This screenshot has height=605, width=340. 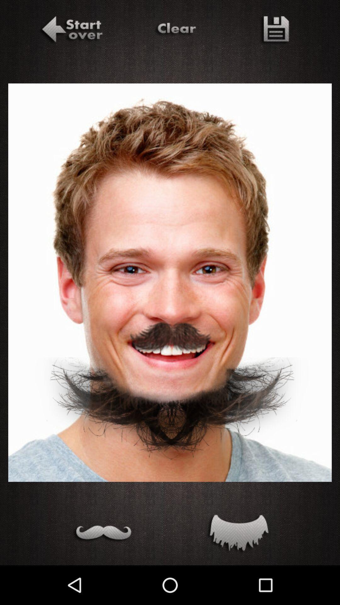 What do you see at coordinates (175, 30) in the screenshot?
I see `clear mustache and beard` at bounding box center [175, 30].